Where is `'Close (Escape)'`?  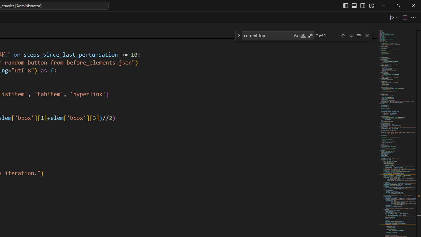
'Close (Escape)' is located at coordinates (366, 36).